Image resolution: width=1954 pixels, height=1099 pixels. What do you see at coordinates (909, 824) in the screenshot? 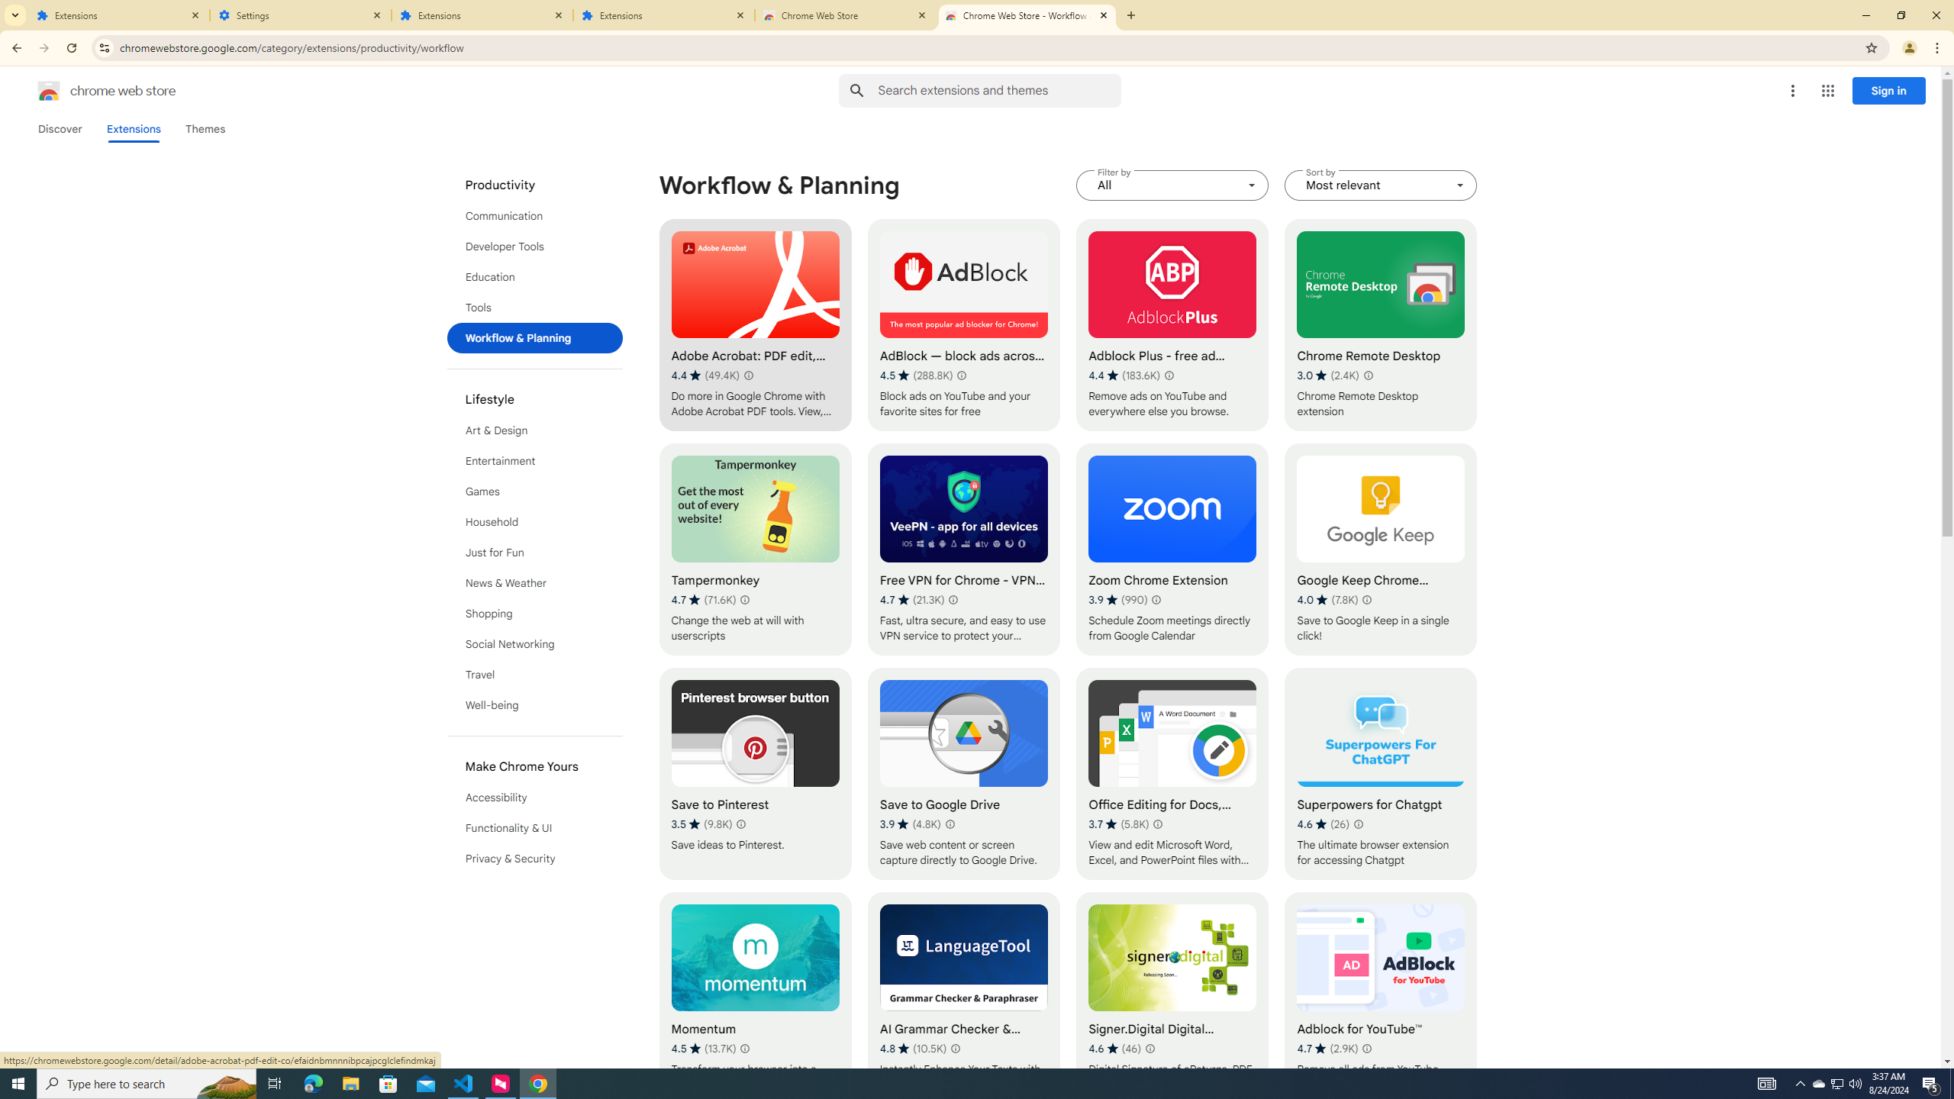
I see `'Average rating 3.9 out of 5 stars. 4.8K ratings.'` at bounding box center [909, 824].